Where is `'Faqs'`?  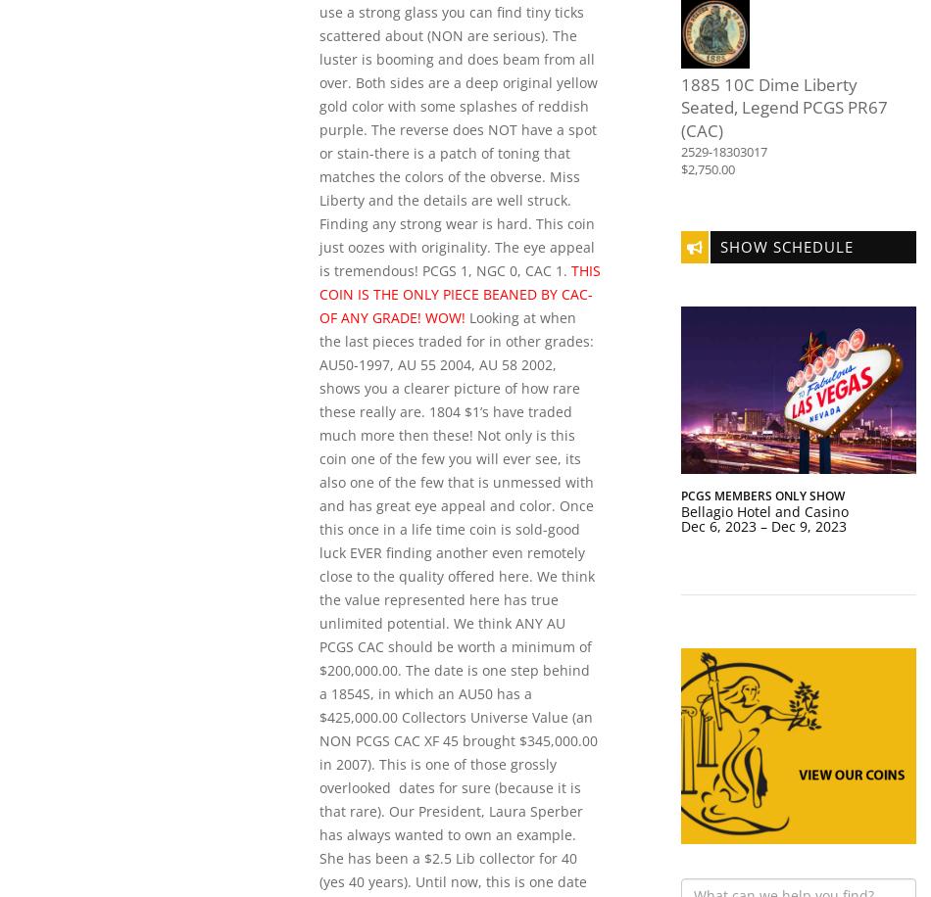
'Faqs' is located at coordinates (668, 111).